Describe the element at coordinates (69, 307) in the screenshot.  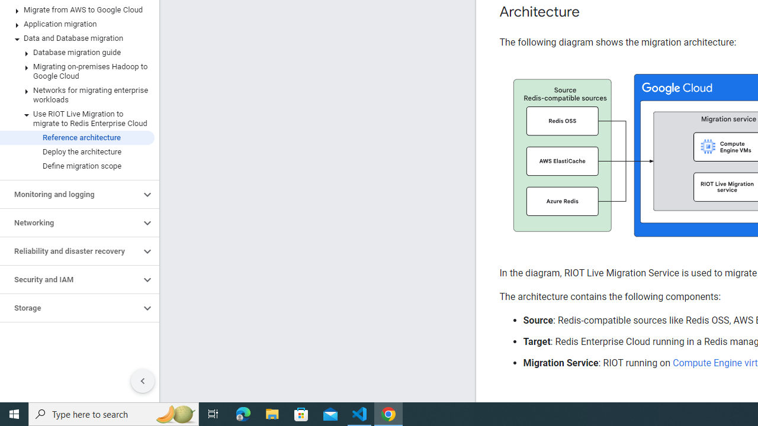
I see `'Storage'` at that location.